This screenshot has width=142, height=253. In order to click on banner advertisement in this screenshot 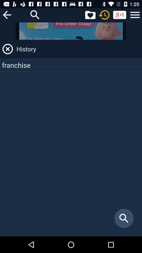, I will do `click(71, 31)`.